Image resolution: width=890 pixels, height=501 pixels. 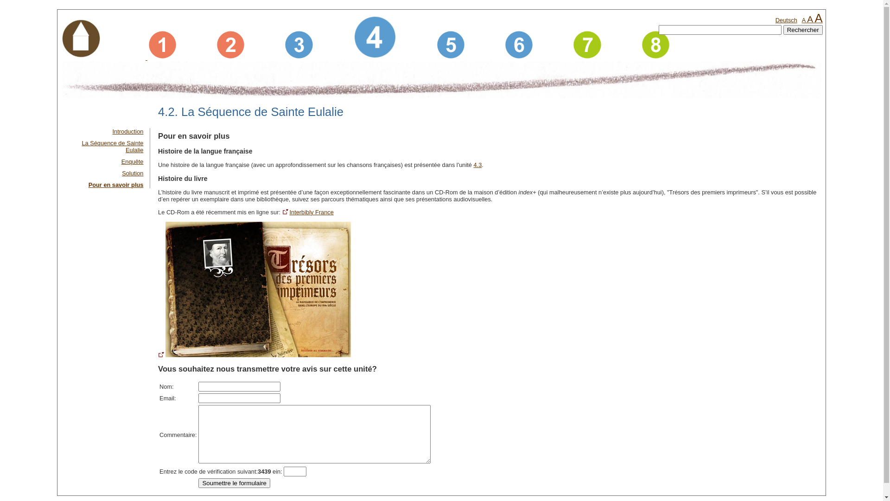 I want to click on 'Deutsch', so click(x=786, y=20).